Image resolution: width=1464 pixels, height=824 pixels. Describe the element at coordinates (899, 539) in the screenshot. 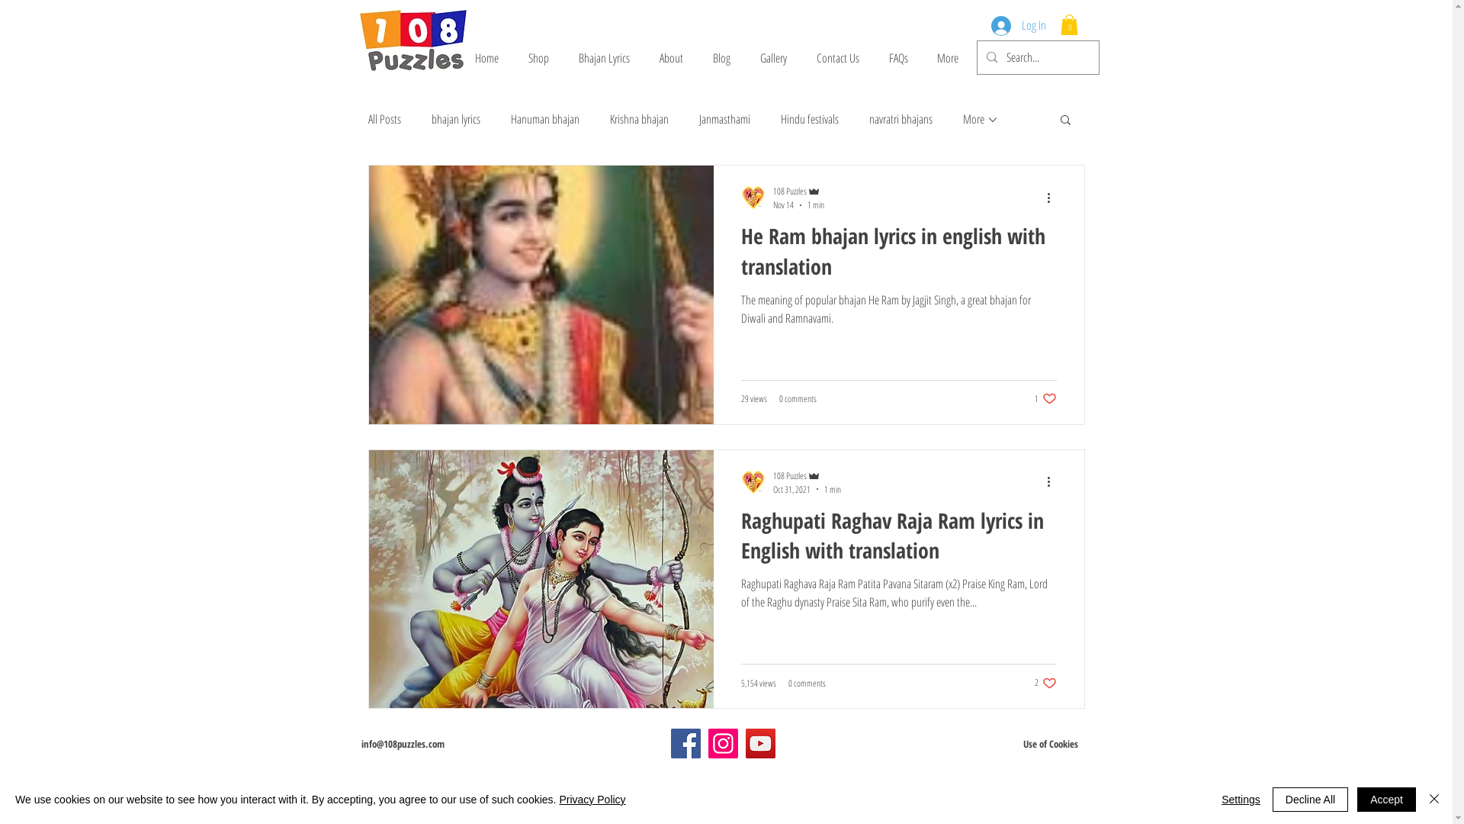

I see `'Raghupati Raghav Raja Ram lyrics in English with translation'` at that location.